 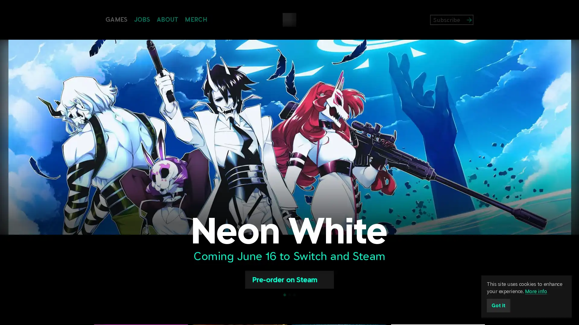 I want to click on ->, so click(x=480, y=19).